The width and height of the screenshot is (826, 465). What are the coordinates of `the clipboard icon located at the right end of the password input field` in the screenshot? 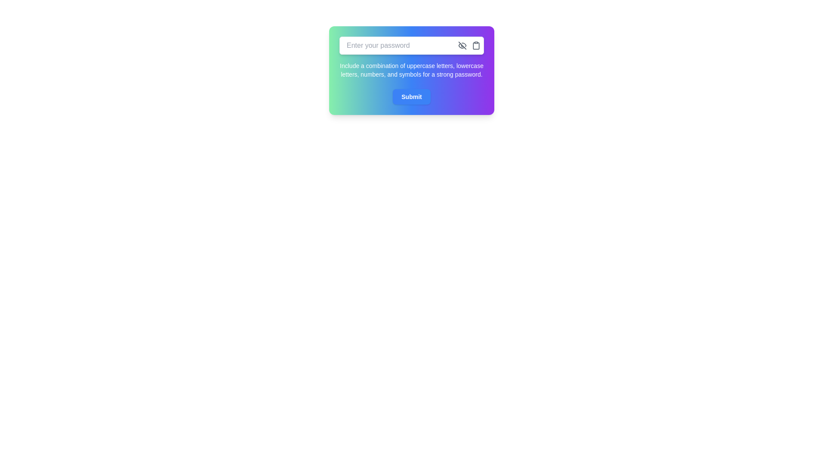 It's located at (476, 45).